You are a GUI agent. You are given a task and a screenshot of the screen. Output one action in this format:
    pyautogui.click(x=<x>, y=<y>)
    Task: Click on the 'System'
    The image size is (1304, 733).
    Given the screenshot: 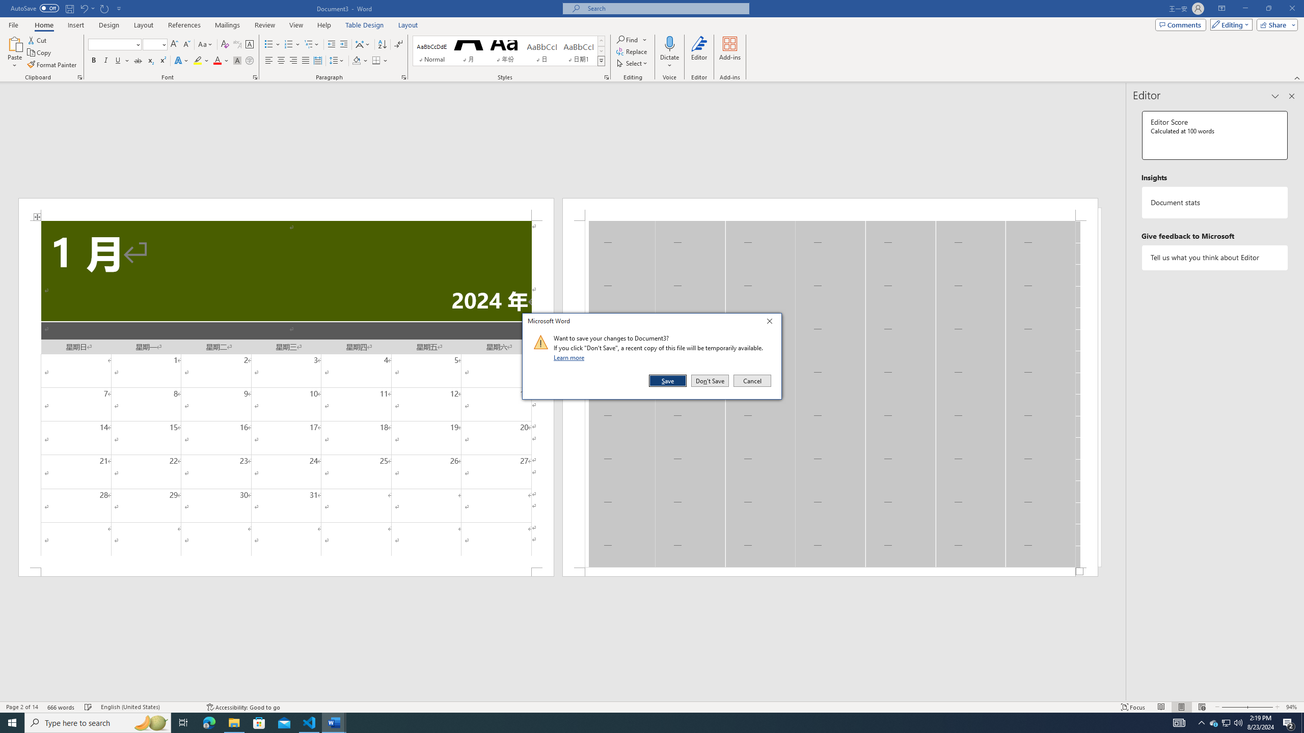 What is the action you would take?
    pyautogui.click(x=6, y=5)
    